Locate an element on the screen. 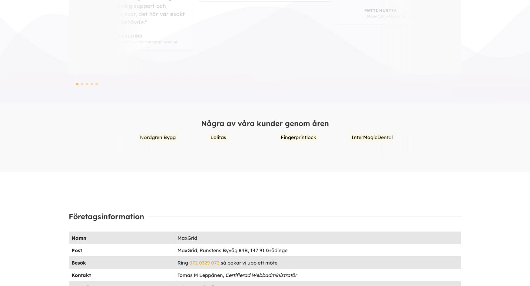 The image size is (530, 286). 'Resultathöjarna' is located at coordinates (386, 137).